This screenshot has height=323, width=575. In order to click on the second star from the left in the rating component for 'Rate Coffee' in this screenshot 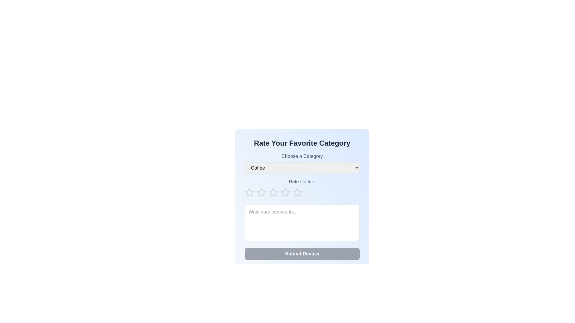, I will do `click(273, 192)`.